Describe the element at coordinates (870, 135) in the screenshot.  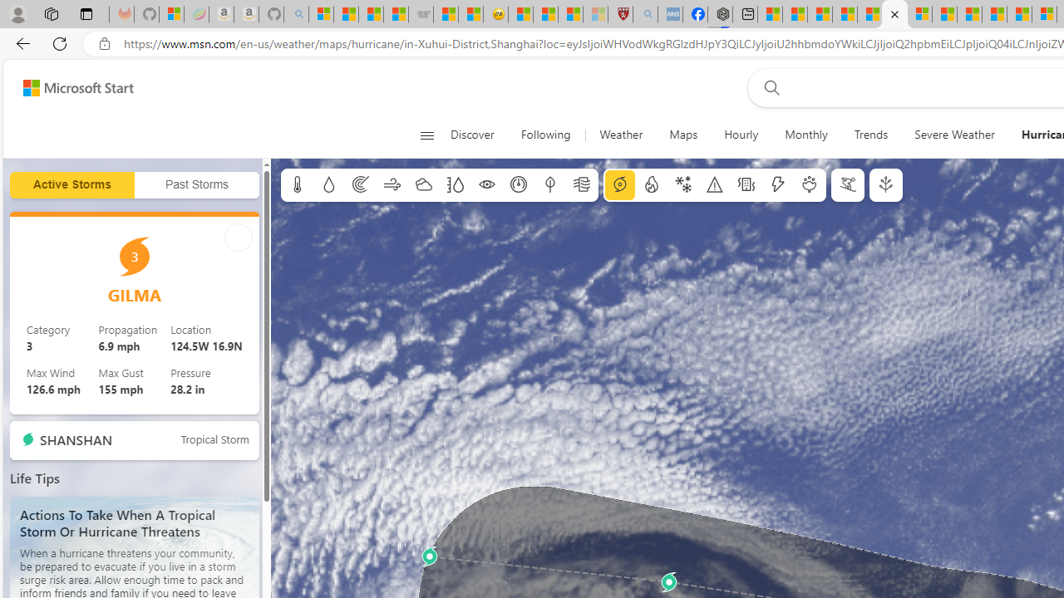
I see `'Trends'` at that location.